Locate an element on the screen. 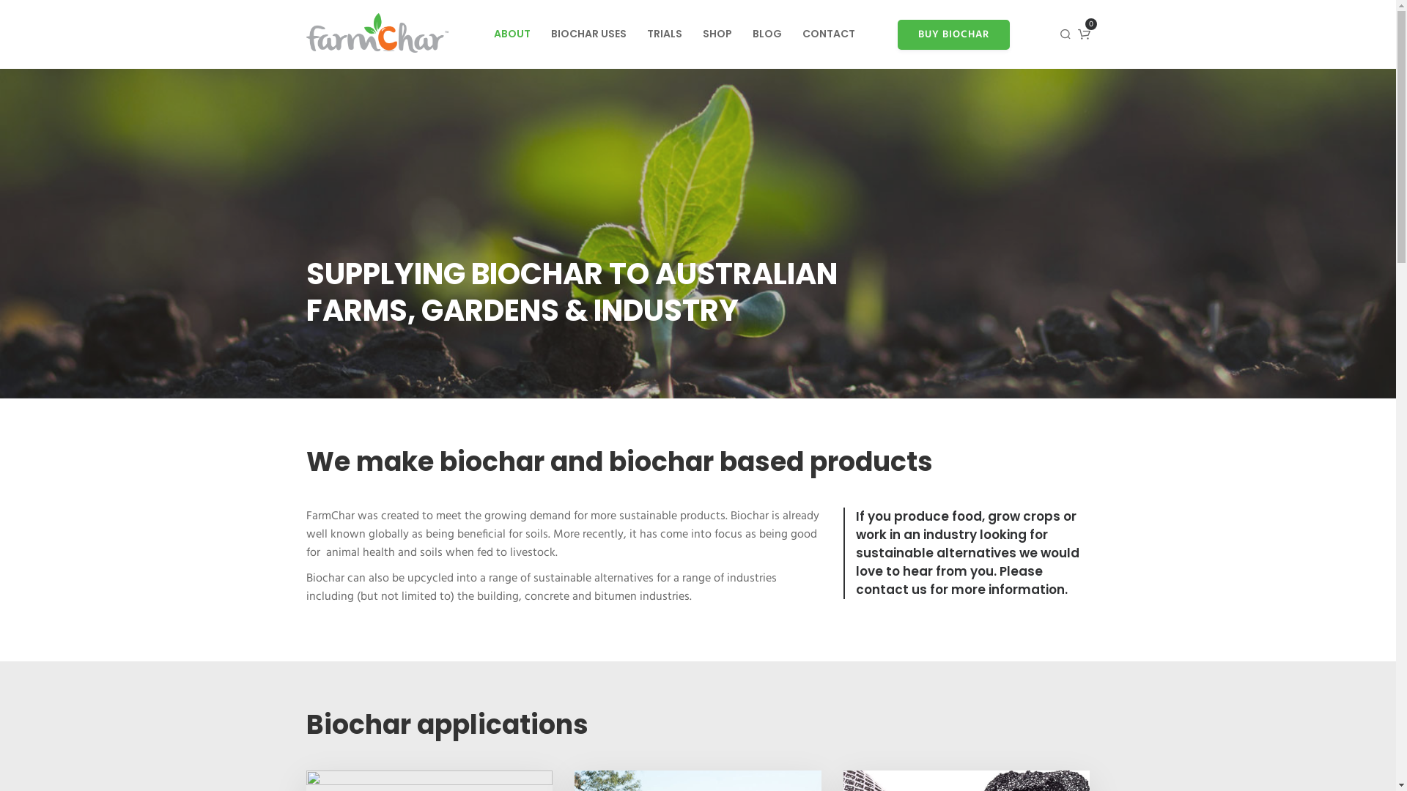  '0' is located at coordinates (1084, 34).